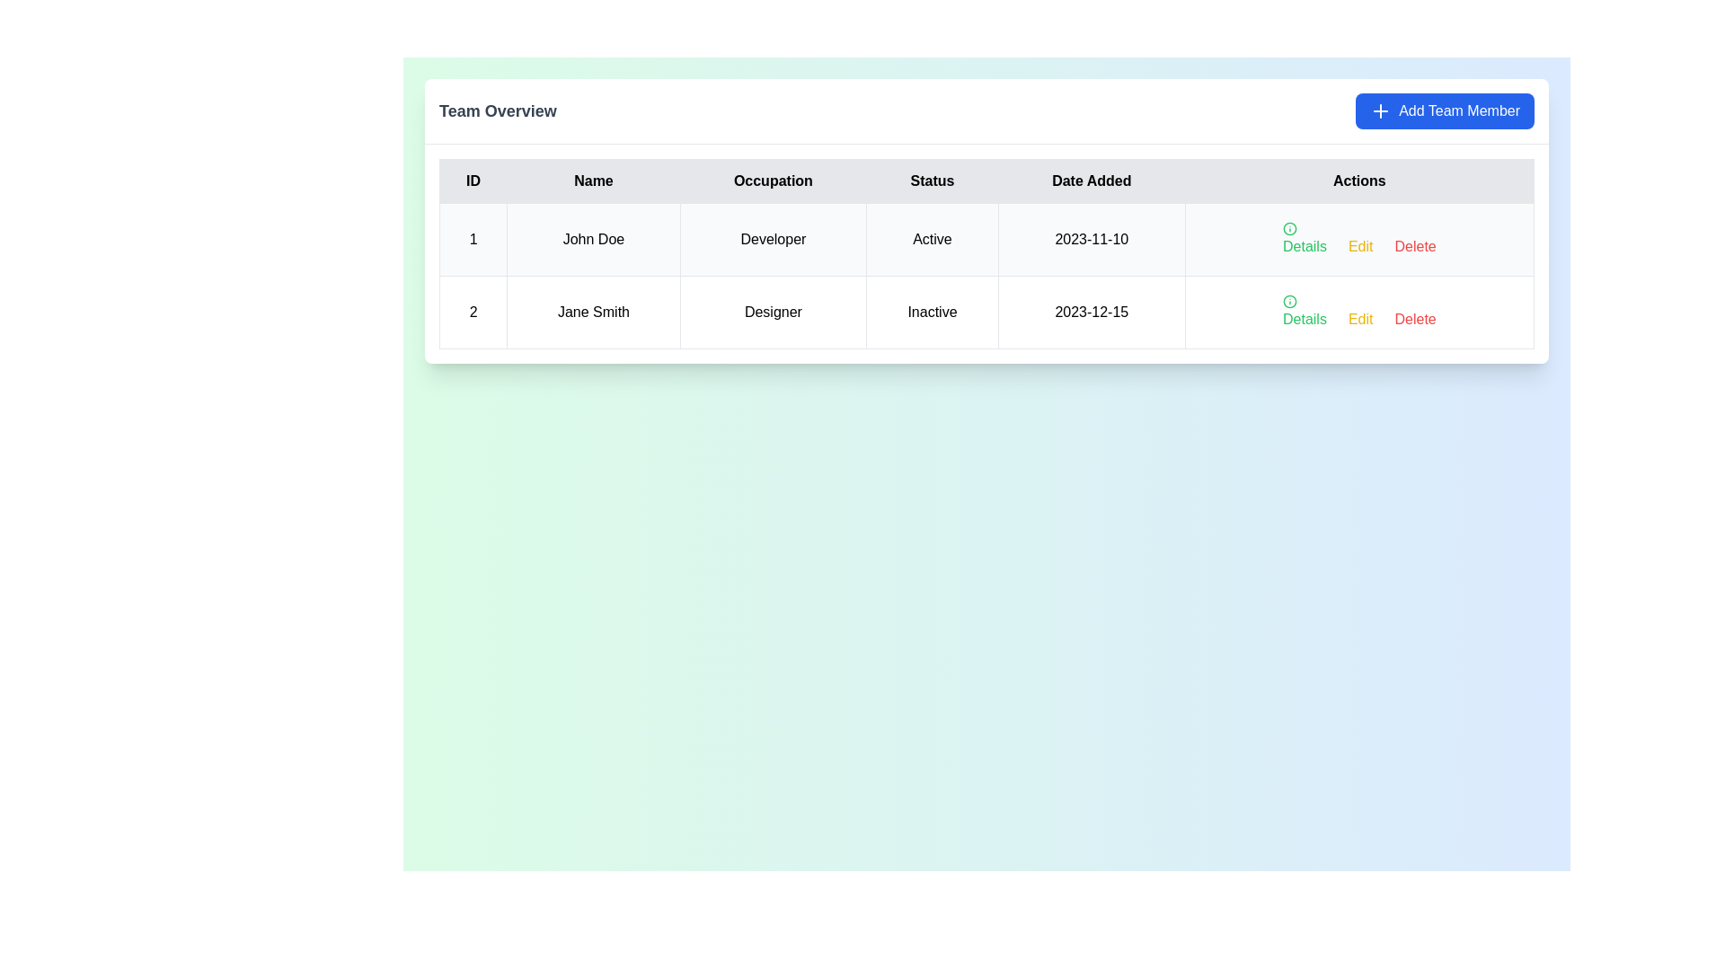 This screenshot has width=1725, height=970. Describe the element at coordinates (594, 311) in the screenshot. I see `the static text element displaying 'Jane Smith' located in the second row of the 'Name' column in the table structure` at that location.